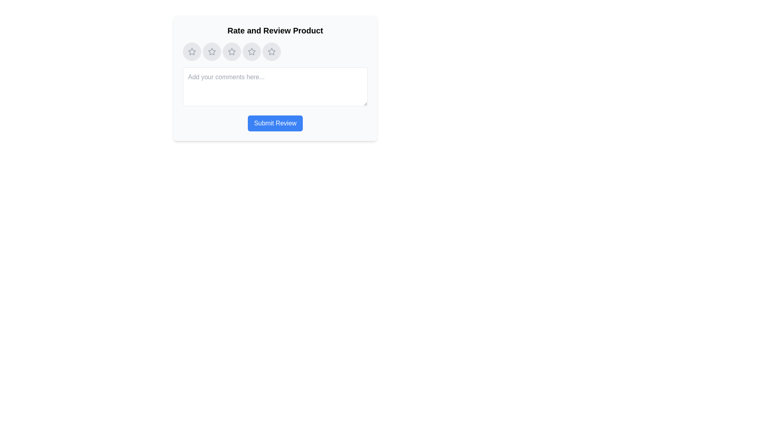  What do you see at coordinates (192, 52) in the screenshot?
I see `the leftmost rating button located below the 'Rate and Review Product' text and above the comments input box via keyboard navigation` at bounding box center [192, 52].